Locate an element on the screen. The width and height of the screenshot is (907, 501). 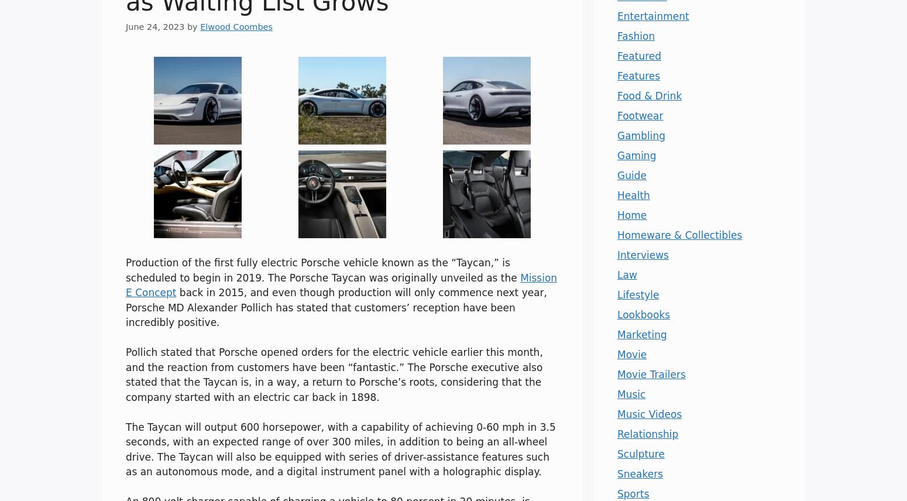
'The Taycan will output 600 horsepower, with a capability of achieving 0-60 mph in 3.5 seconds, with an expected range of over 300 miles, in addition to being an all-wheel drive. The Taycan will also be equipped with series of driver-assistance features such as an autonomous mode, and a digital instrument panel with a holographic display.' is located at coordinates (125, 448).